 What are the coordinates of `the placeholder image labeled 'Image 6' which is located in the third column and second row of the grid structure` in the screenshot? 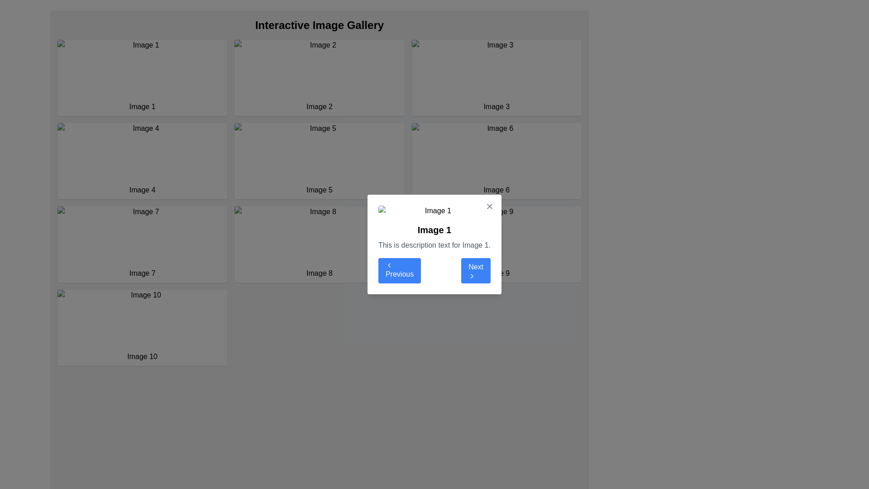 It's located at (496, 151).